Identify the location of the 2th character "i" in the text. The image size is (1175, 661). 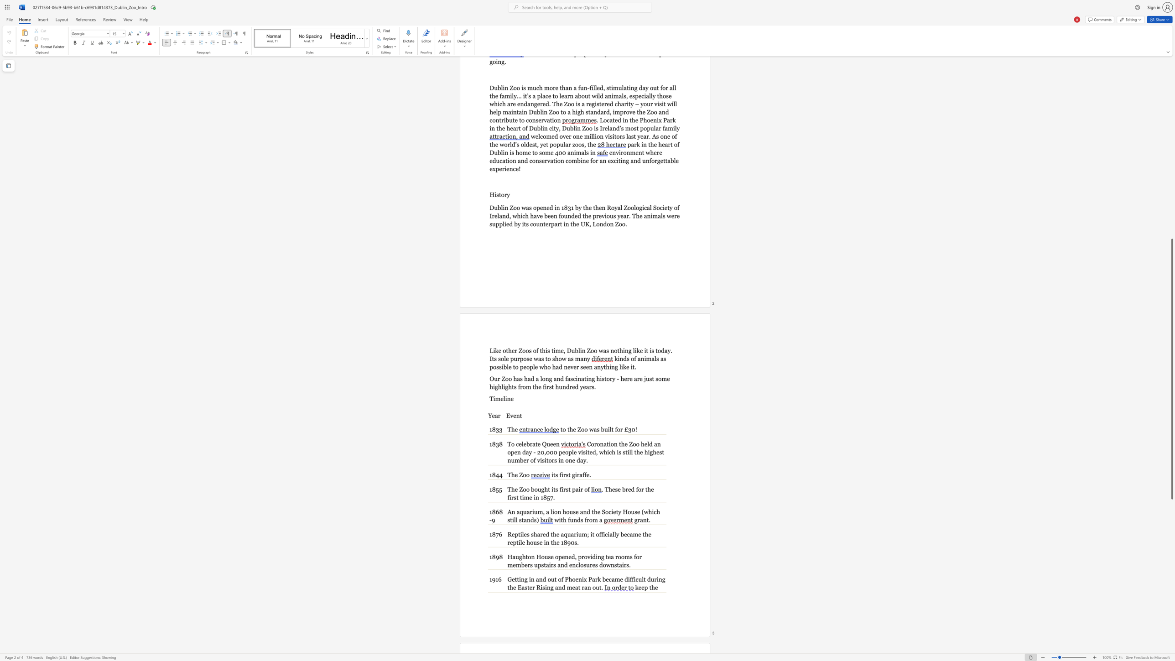
(522, 497).